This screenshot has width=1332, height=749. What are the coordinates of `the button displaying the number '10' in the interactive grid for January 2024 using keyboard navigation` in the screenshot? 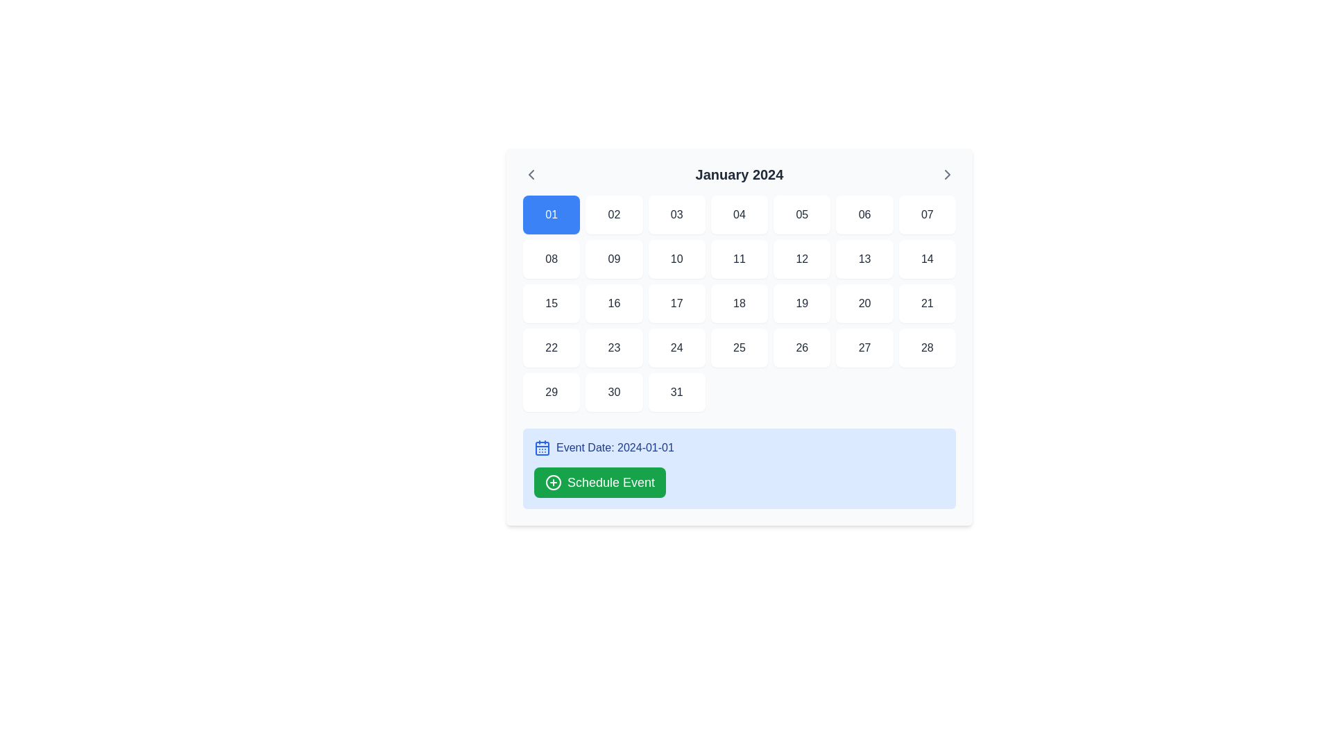 It's located at (676, 259).